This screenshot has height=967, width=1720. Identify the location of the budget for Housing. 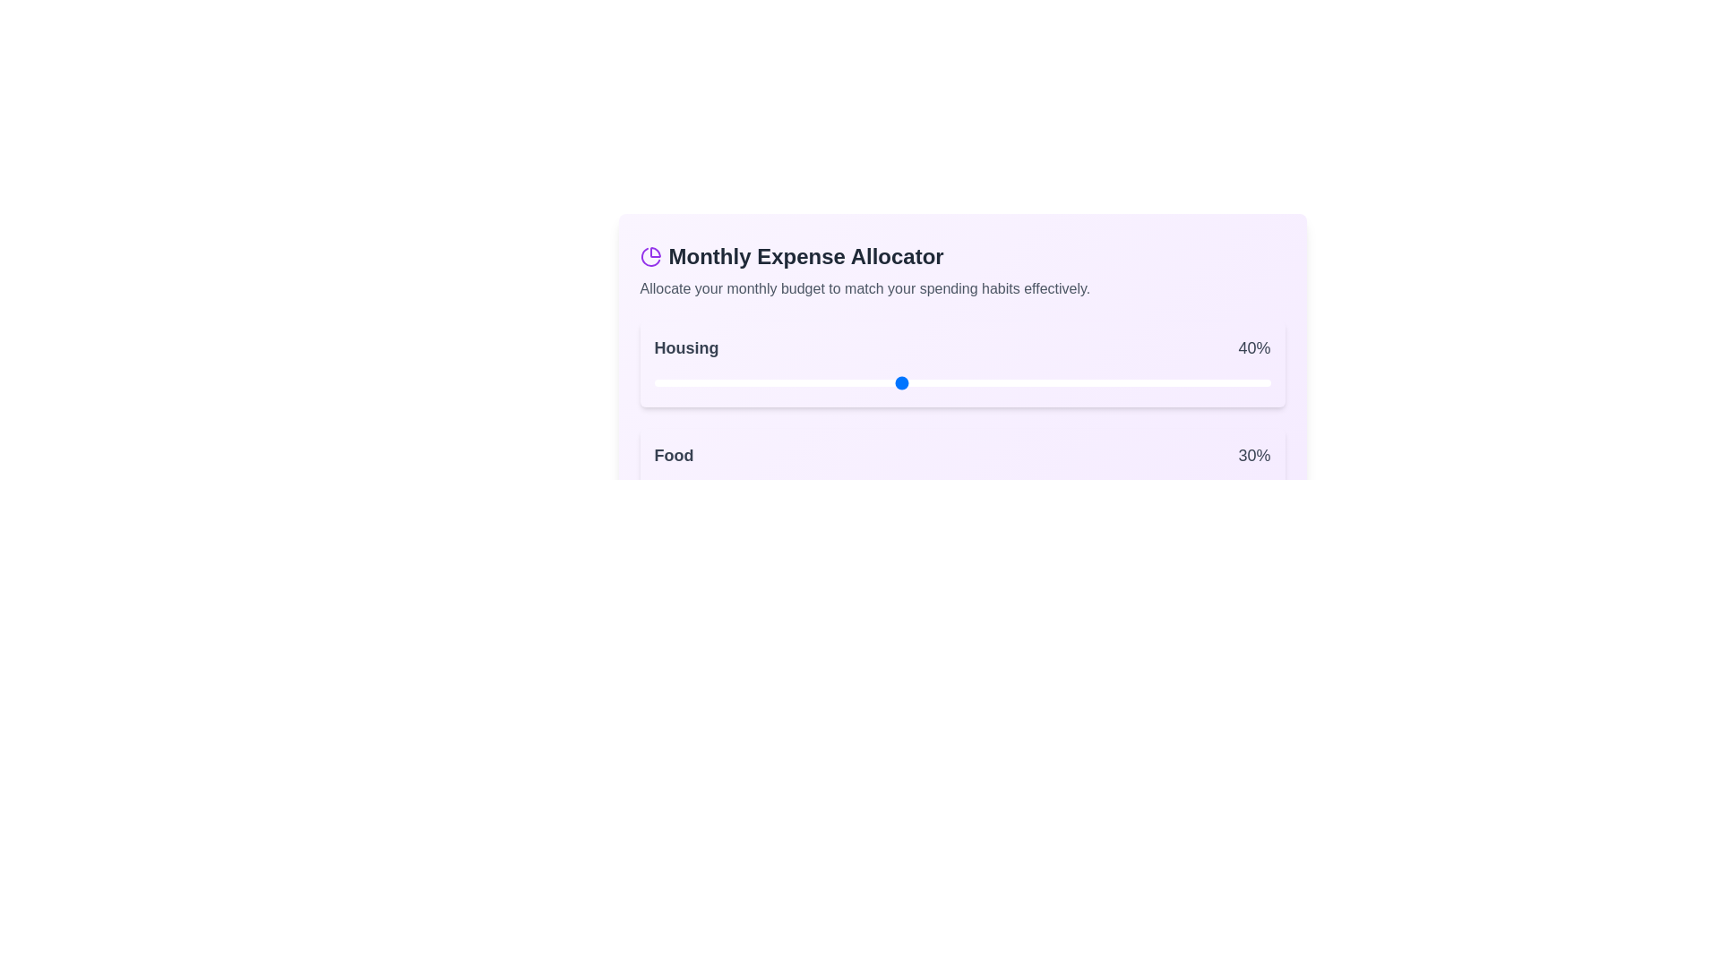
(715, 382).